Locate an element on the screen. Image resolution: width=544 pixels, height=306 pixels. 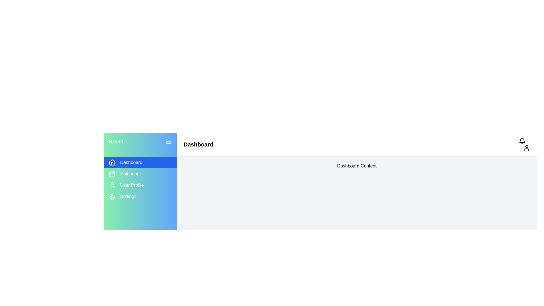
the Dashboard navigation button located in the vertical menu on the left side of the interface to trigger the hover effect is located at coordinates (140, 163).